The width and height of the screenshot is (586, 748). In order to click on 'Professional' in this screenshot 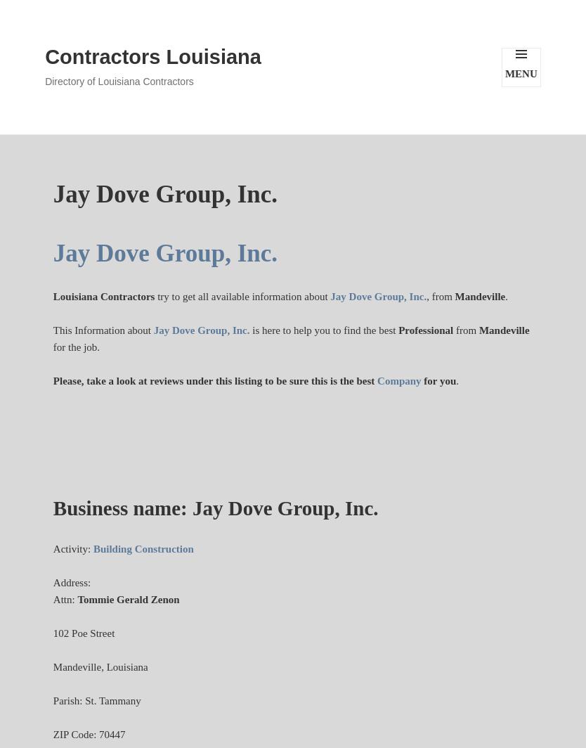, I will do `click(398, 330)`.